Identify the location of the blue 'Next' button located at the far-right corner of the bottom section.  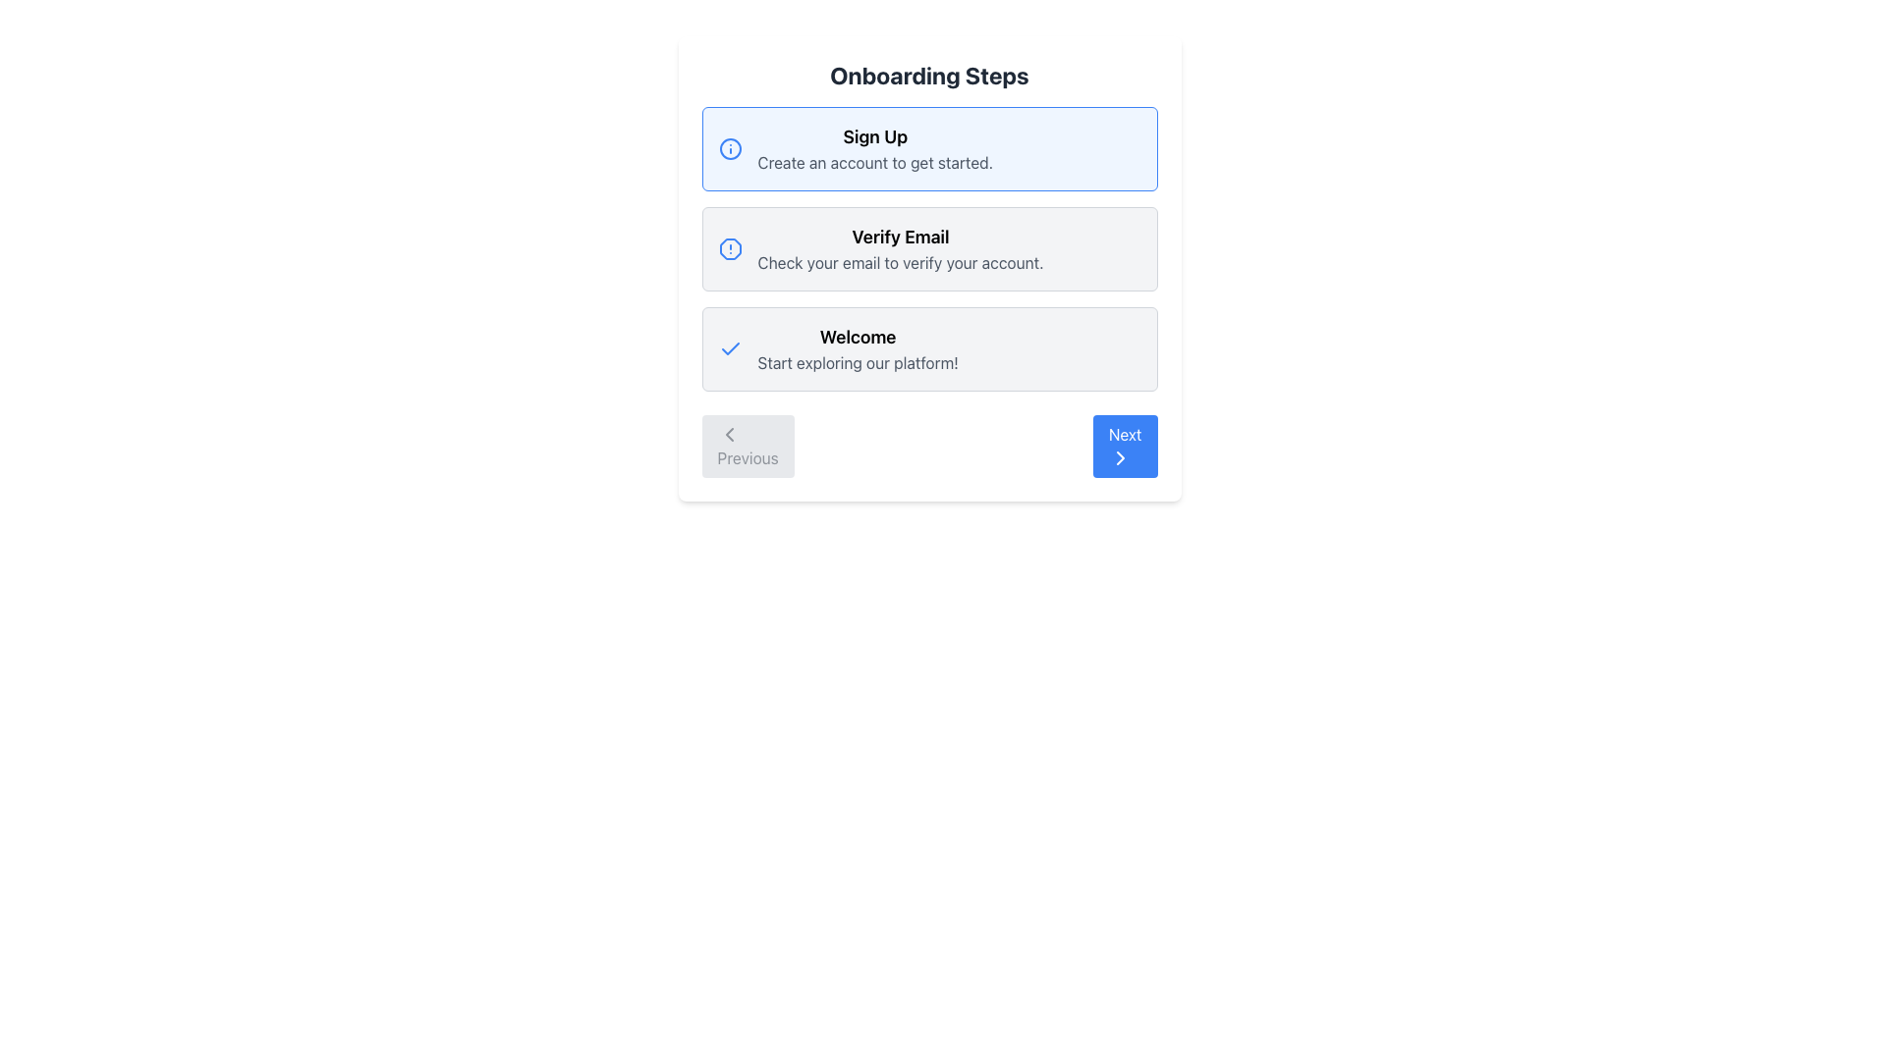
(1125, 447).